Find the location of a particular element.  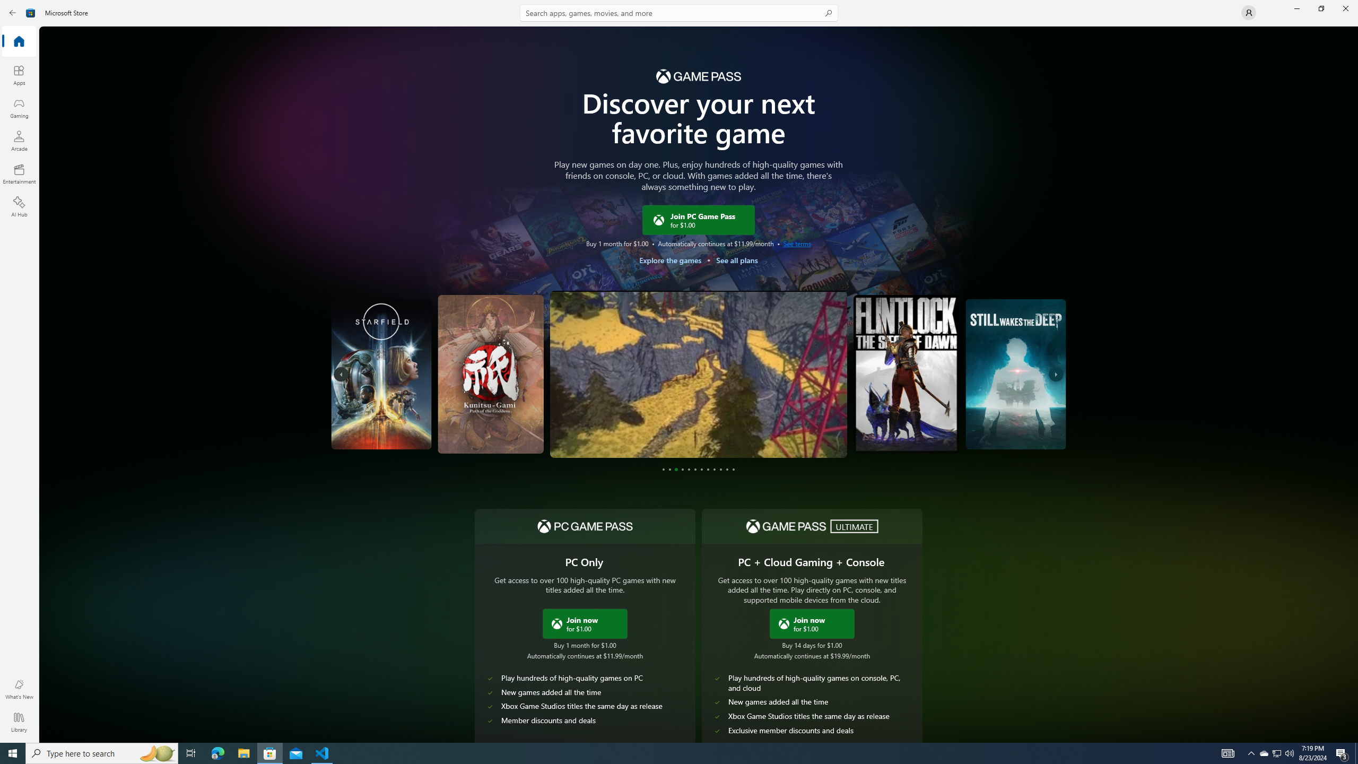

'Search' is located at coordinates (679, 12).